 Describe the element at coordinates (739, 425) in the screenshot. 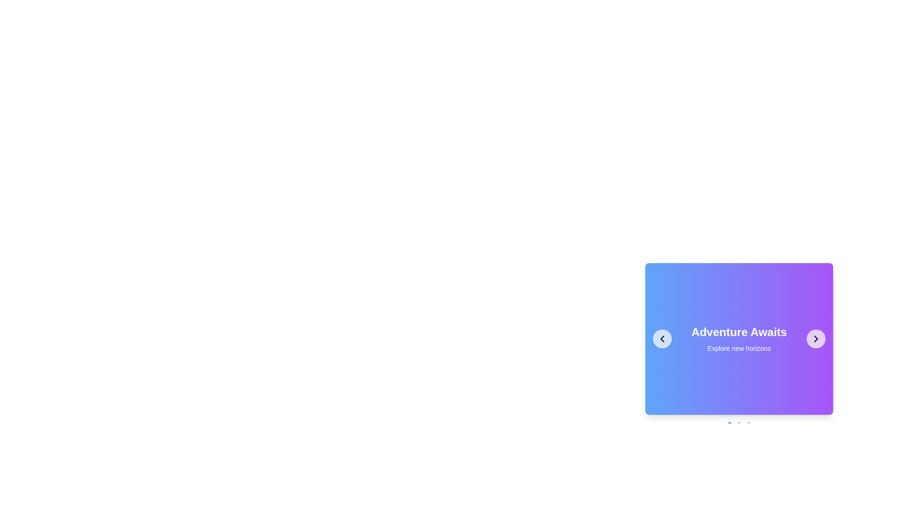

I see `the second dot in the pagination indicator` at that location.